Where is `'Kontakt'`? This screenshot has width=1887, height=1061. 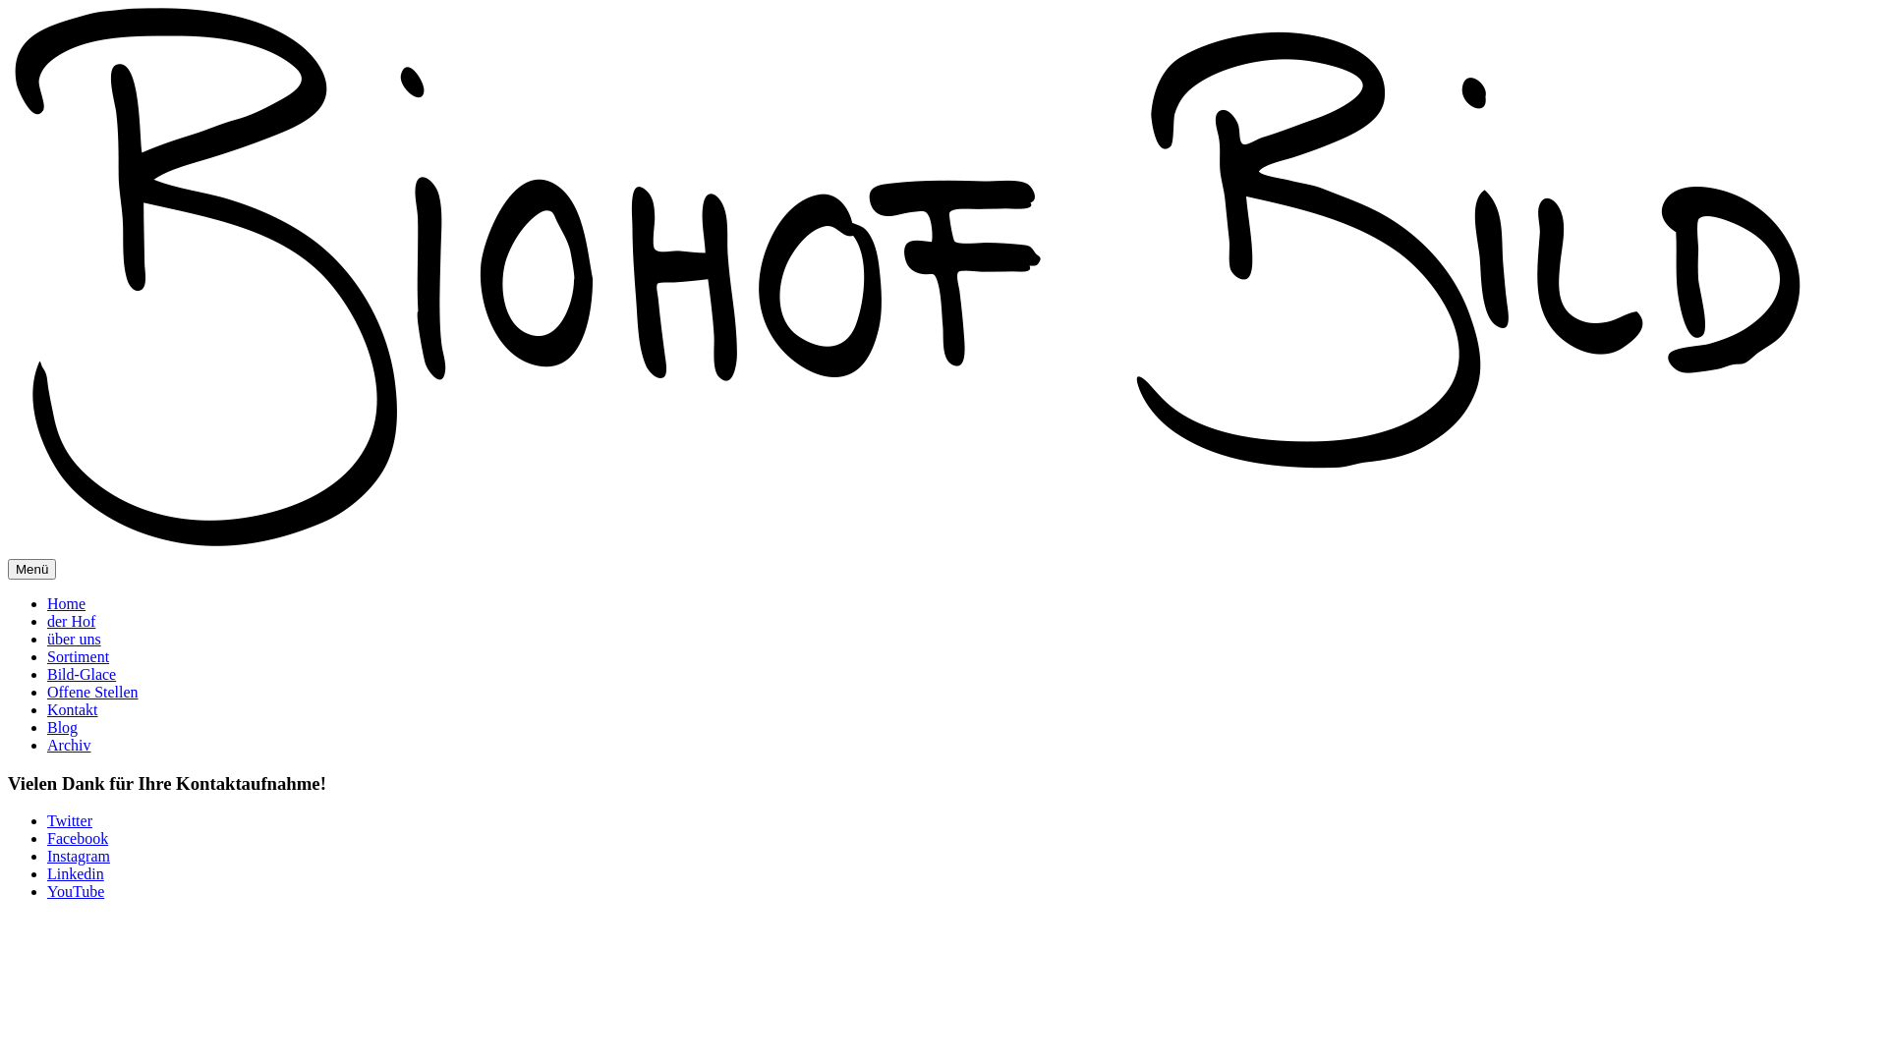 'Kontakt' is located at coordinates (72, 709).